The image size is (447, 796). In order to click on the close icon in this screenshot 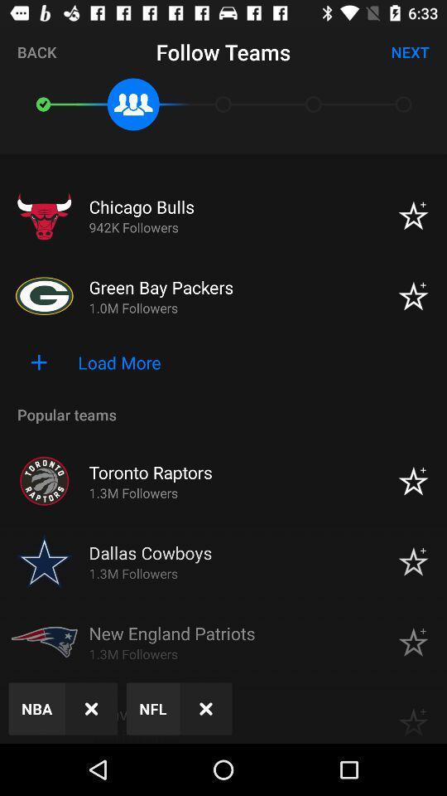, I will do `click(91, 707)`.